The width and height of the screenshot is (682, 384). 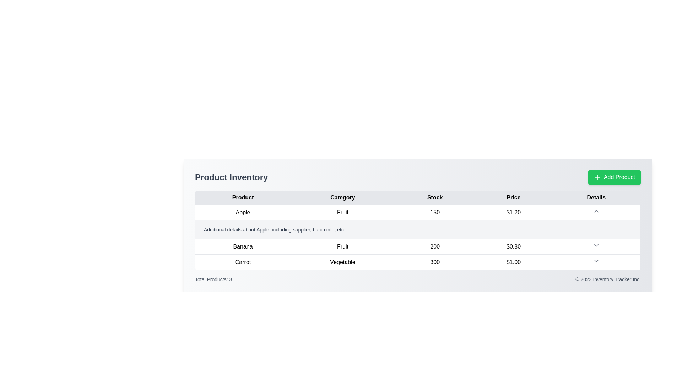 What do you see at coordinates (342, 197) in the screenshot?
I see `the 'Category' header label in the table, which is the second column, located between 'Product' and 'Stock'` at bounding box center [342, 197].